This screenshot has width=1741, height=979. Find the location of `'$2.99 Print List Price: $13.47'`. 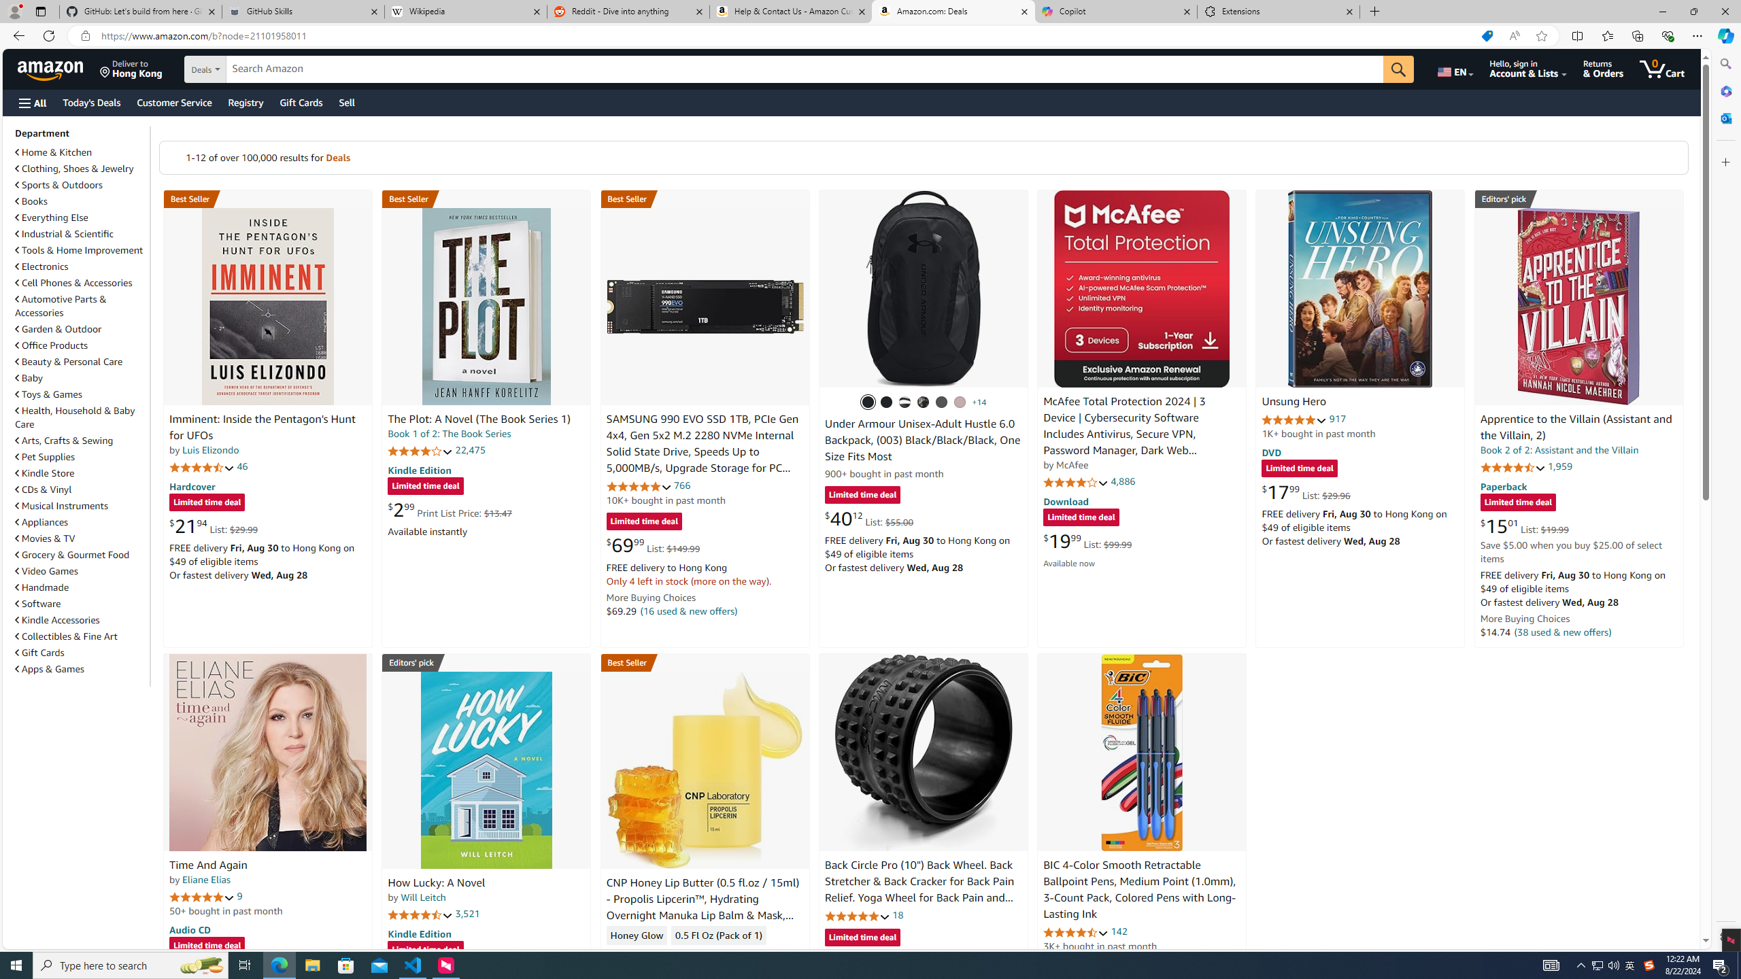

'$2.99 Print List Price: $13.47' is located at coordinates (449, 509).